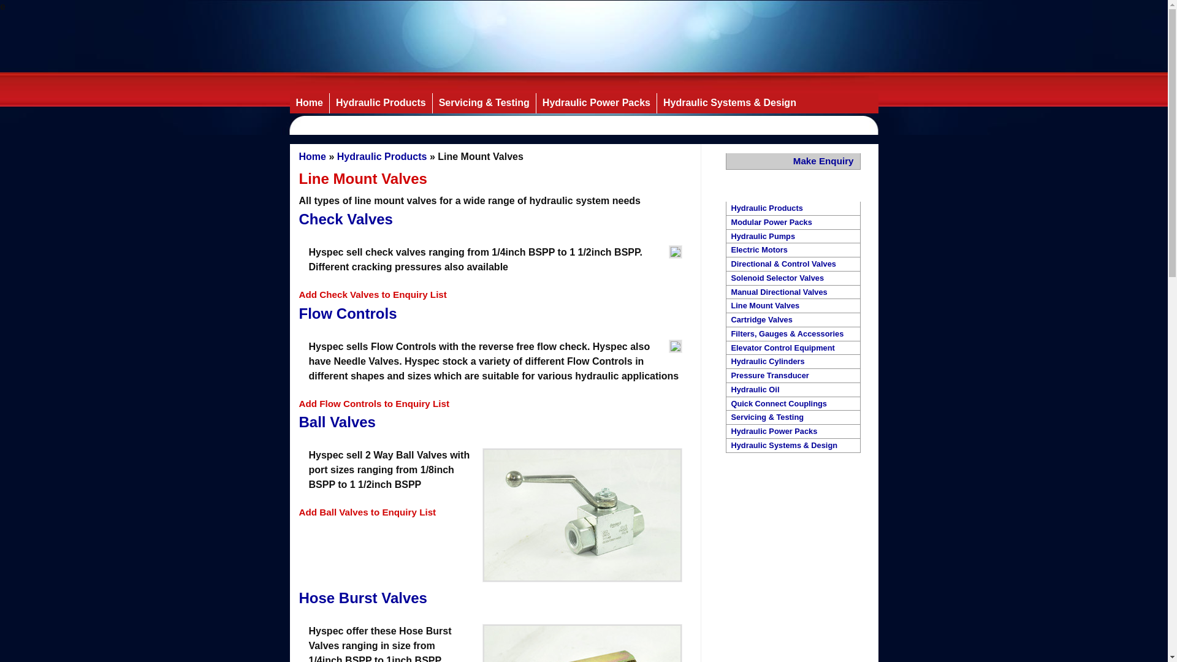  Describe the element at coordinates (372, 294) in the screenshot. I see `'Add Check Valves to Enquiry List'` at that location.